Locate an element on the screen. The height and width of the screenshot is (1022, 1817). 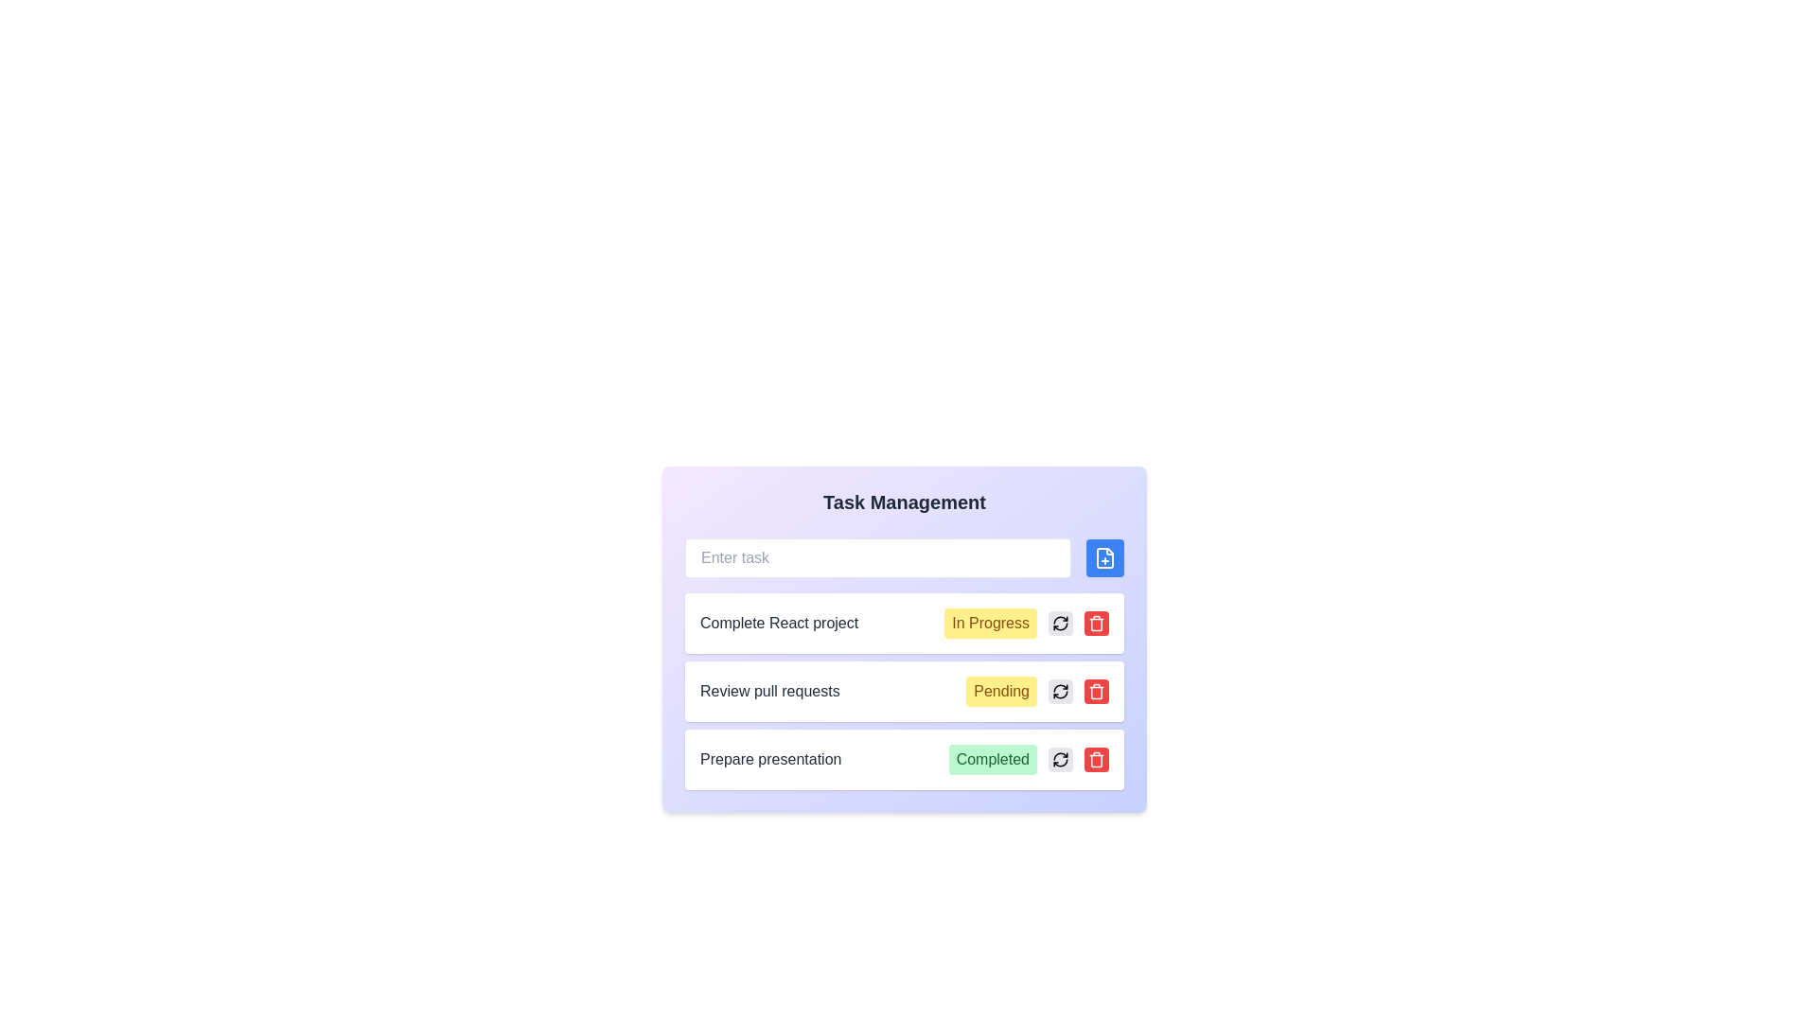
the refresh action button with a circular refresh icon, positioned to the right of the 'Completed' label in the task row is located at coordinates (1061, 758).